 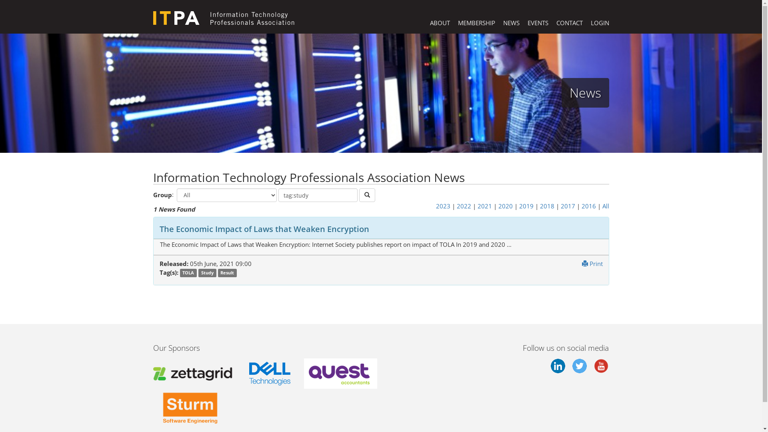 What do you see at coordinates (226, 272) in the screenshot?
I see `'Result'` at bounding box center [226, 272].